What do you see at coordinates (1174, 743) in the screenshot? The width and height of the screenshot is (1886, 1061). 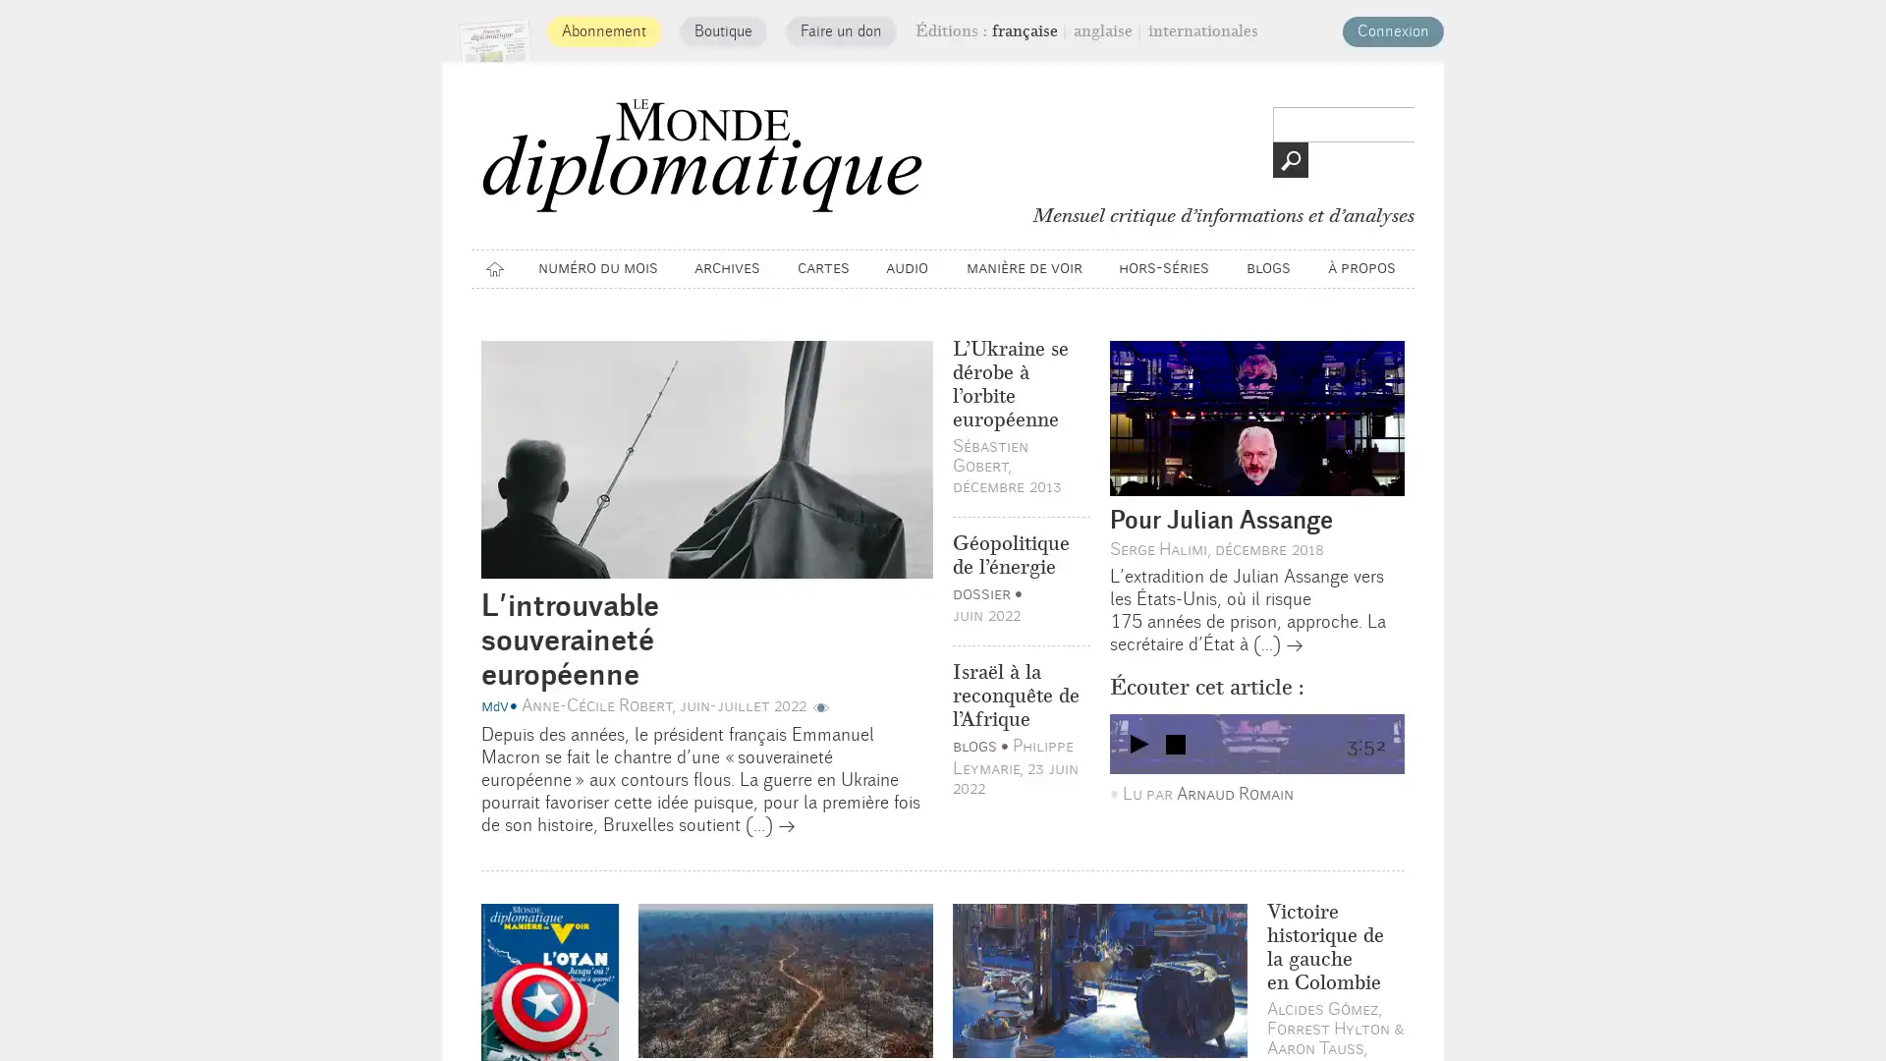 I see `Arreter le son` at bounding box center [1174, 743].